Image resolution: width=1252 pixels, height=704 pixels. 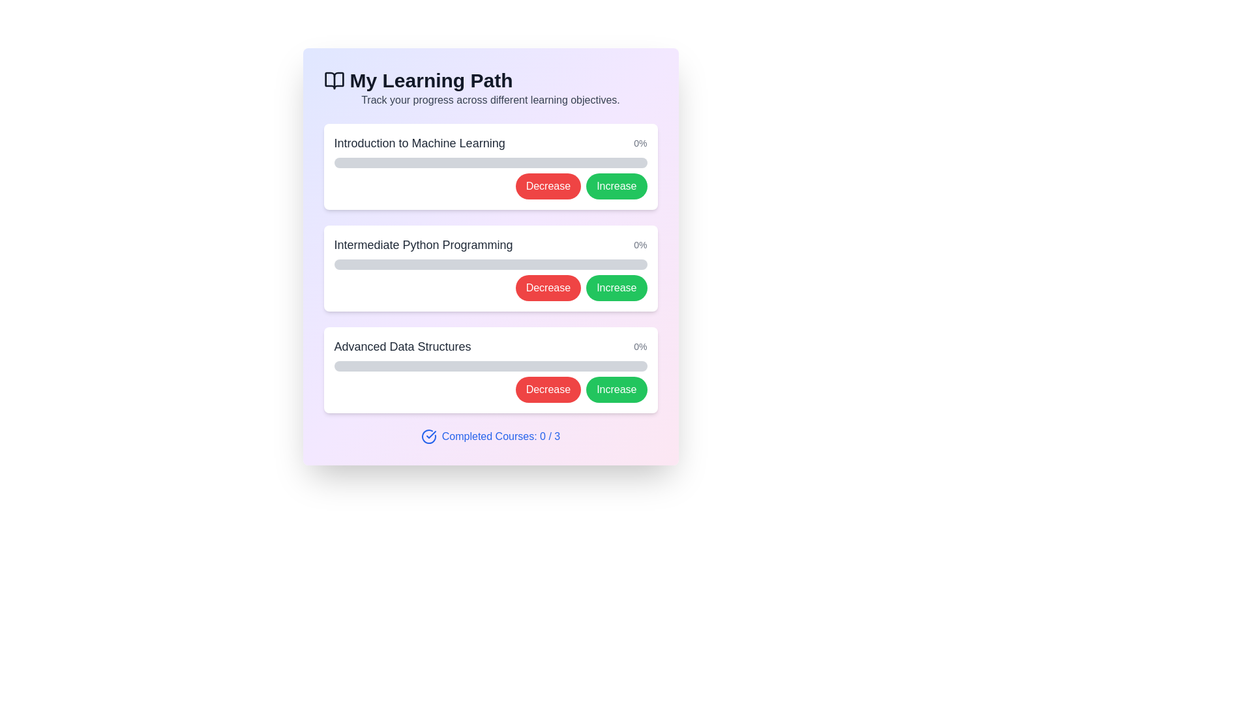 I want to click on the Static Text Label displaying '0%' which indicates progress in the 'Introduction to Machine Learning' module, so click(x=640, y=143).